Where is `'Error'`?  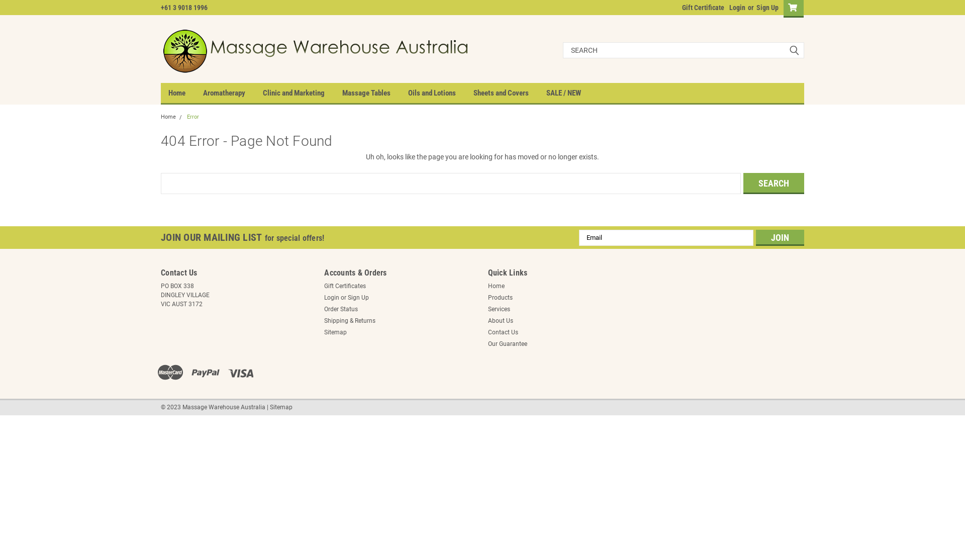 'Error' is located at coordinates (193, 116).